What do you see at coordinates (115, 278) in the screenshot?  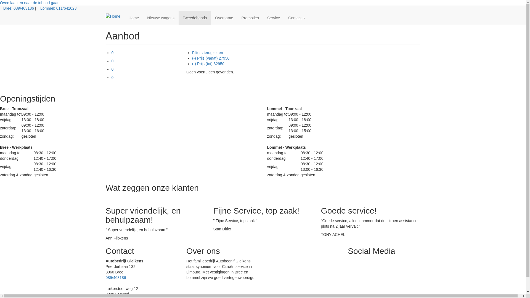 I see `'089/463186'` at bounding box center [115, 278].